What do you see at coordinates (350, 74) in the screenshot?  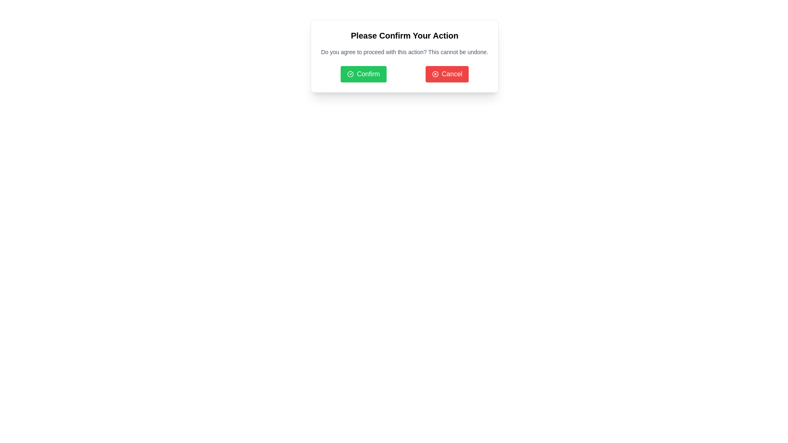 I see `the confirmation icon located inside the green 'Confirm' button in the dialog box` at bounding box center [350, 74].